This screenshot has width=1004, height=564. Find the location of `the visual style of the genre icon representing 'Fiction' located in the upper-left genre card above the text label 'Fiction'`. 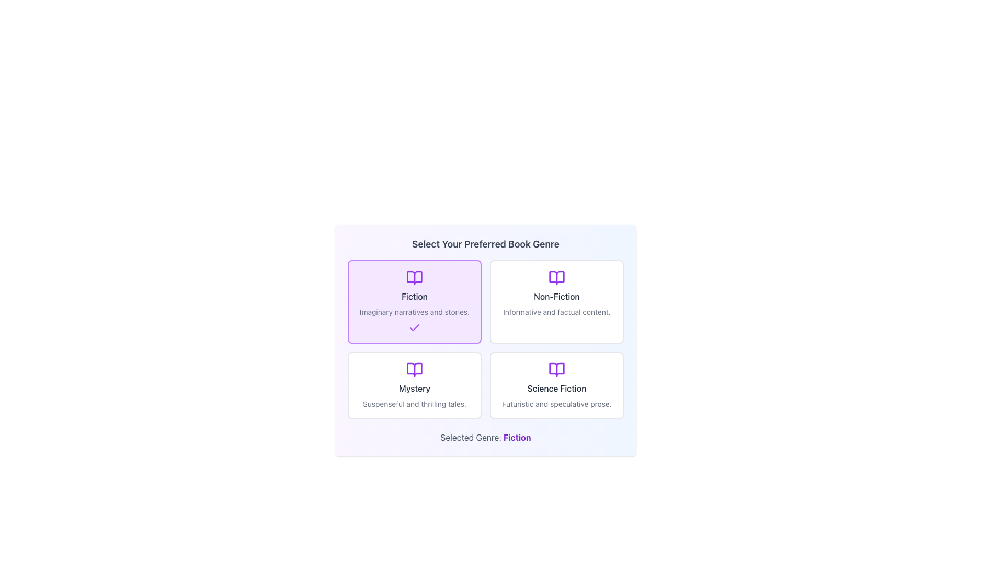

the visual style of the genre icon representing 'Fiction' located in the upper-left genre card above the text label 'Fiction' is located at coordinates (414, 277).